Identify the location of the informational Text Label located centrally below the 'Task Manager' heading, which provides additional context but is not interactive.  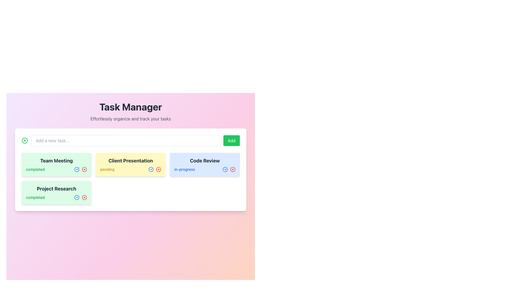
(131, 118).